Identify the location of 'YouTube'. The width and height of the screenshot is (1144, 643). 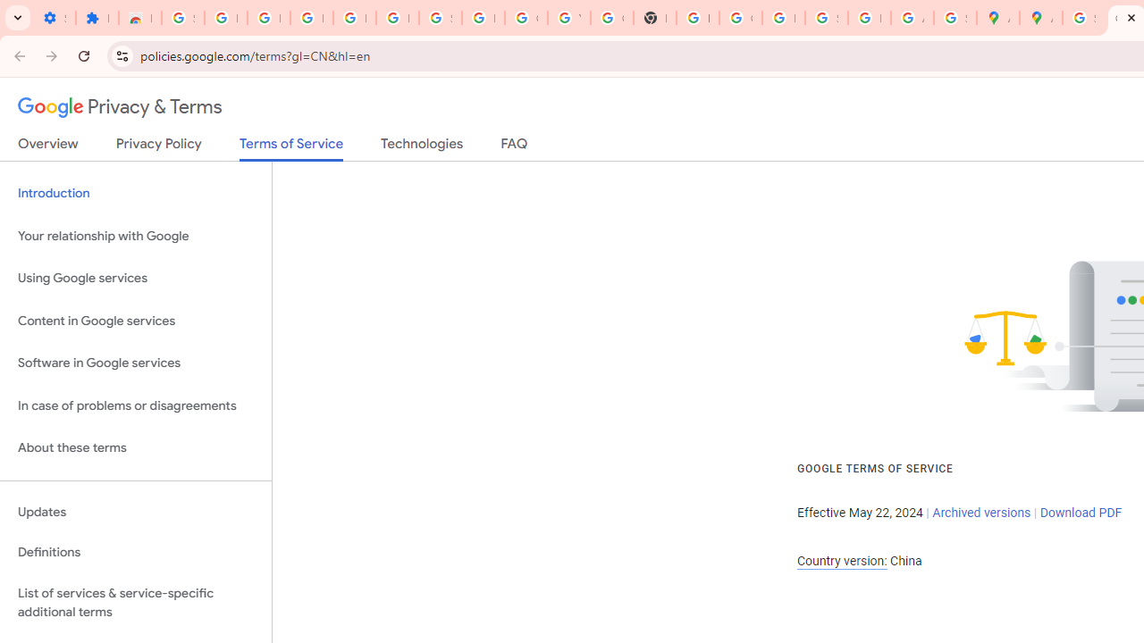
(568, 18).